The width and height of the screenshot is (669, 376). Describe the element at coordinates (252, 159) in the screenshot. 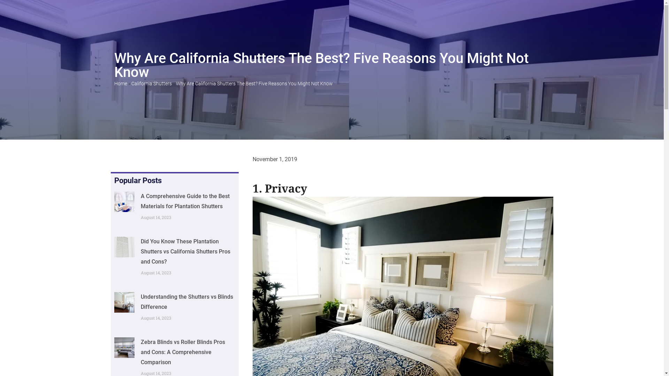

I see `'November 1, 2019'` at that location.